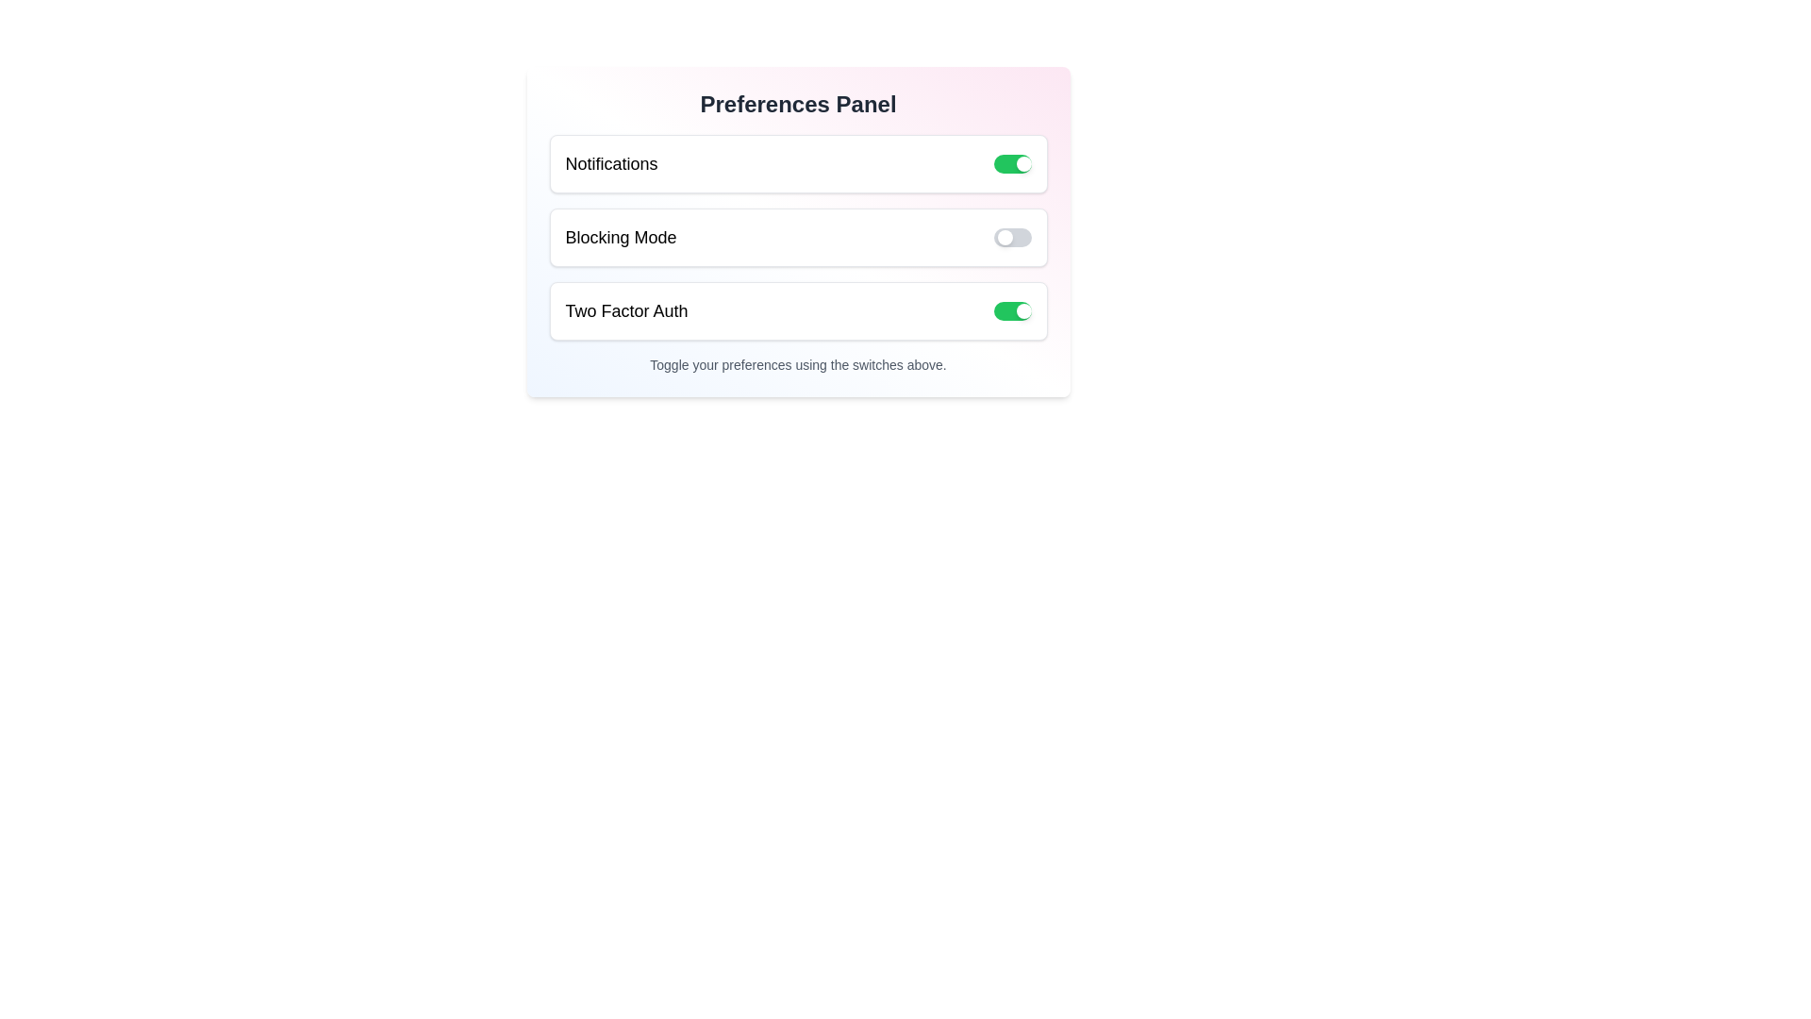 Image resolution: width=1811 pixels, height=1019 pixels. I want to click on the 'Notifications' switch to toggle its state, so click(1011, 162).